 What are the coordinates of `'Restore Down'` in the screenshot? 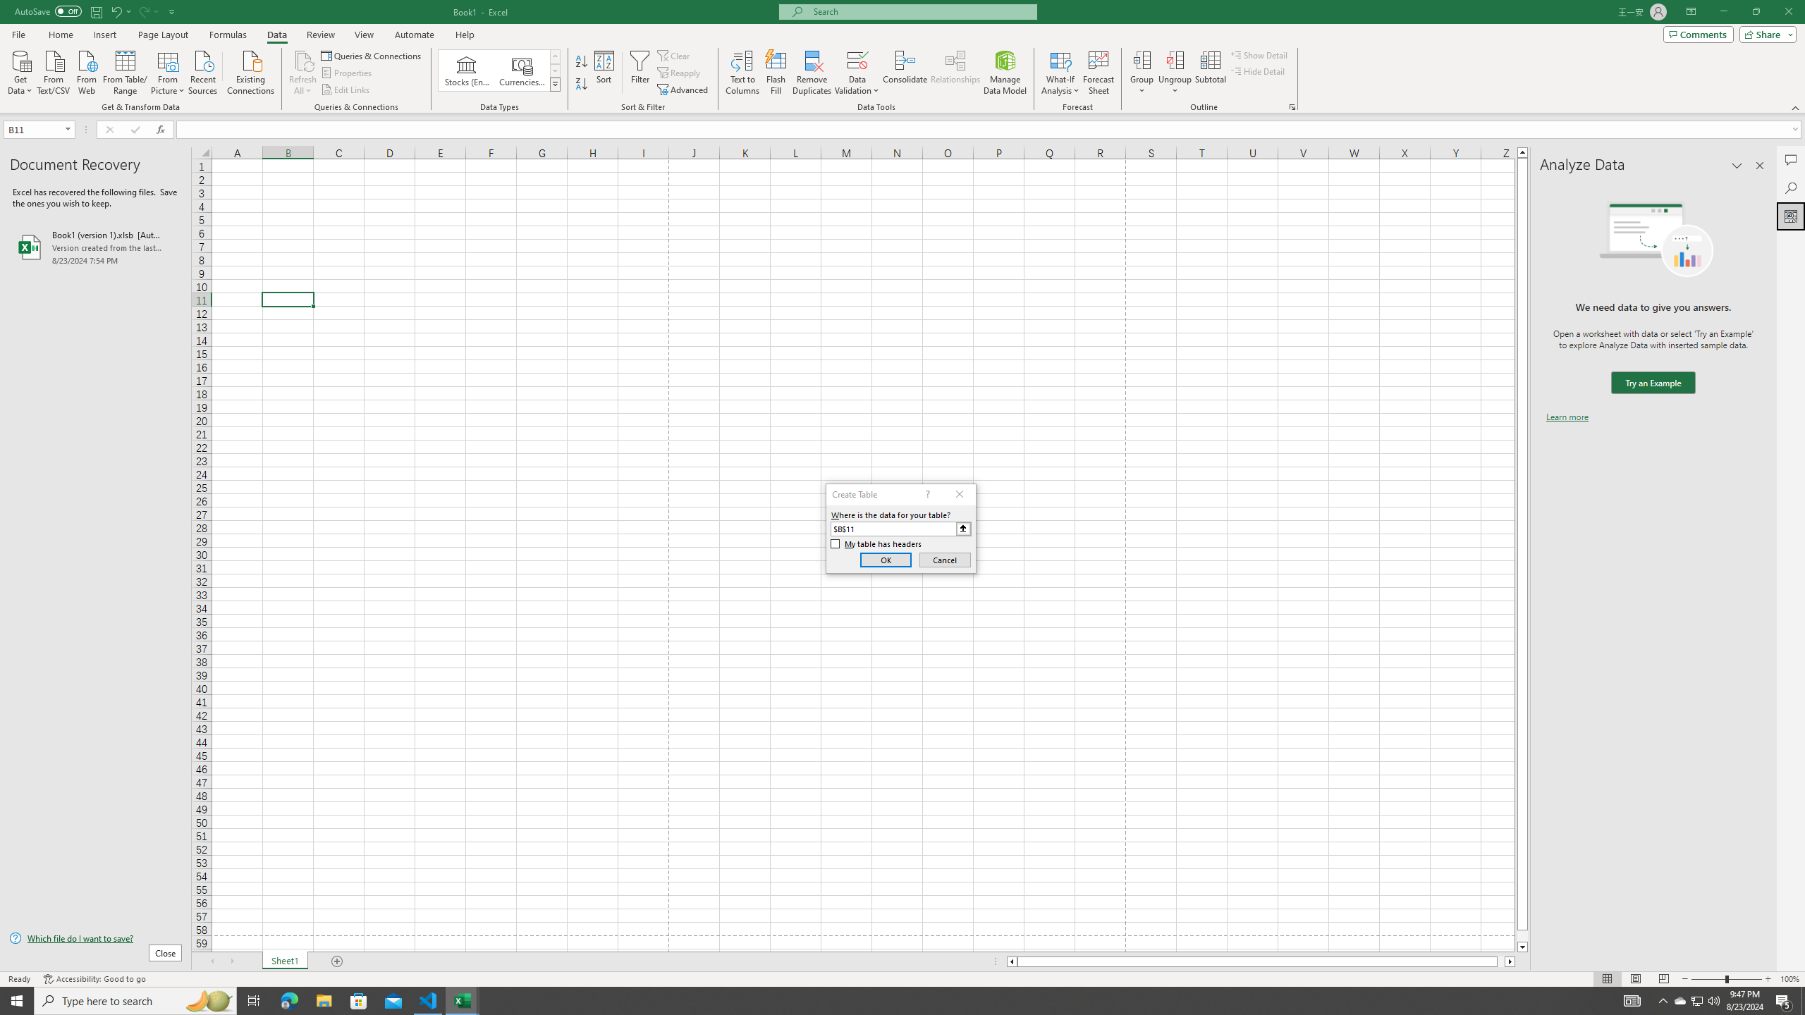 It's located at (1756, 11).